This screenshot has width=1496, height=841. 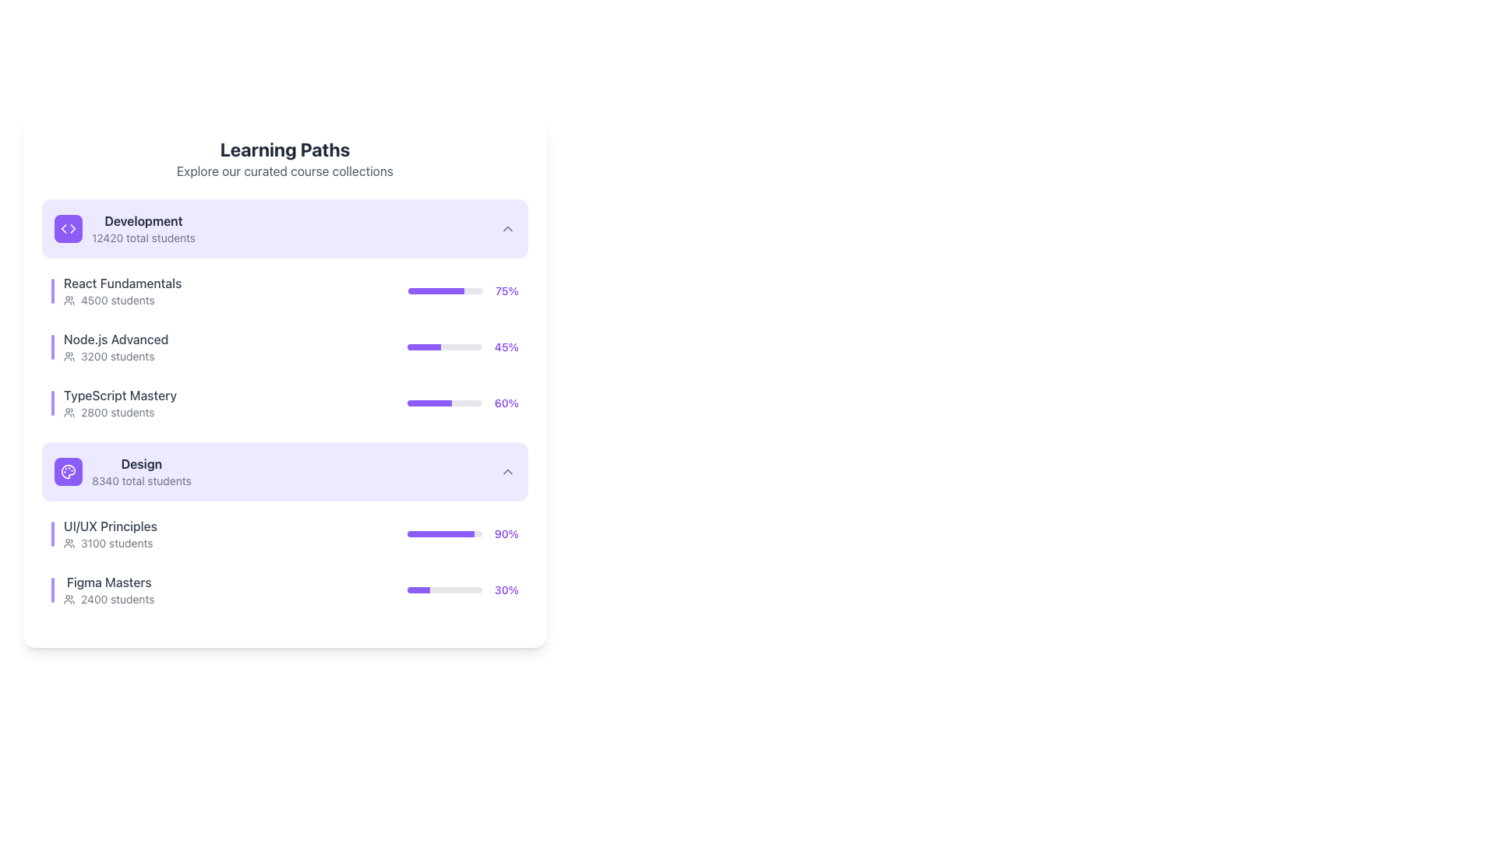 What do you see at coordinates (69, 300) in the screenshot?
I see `the SVG icon representing users located to the left of the text '4500 students' in the 'React Fundamentals' section` at bounding box center [69, 300].